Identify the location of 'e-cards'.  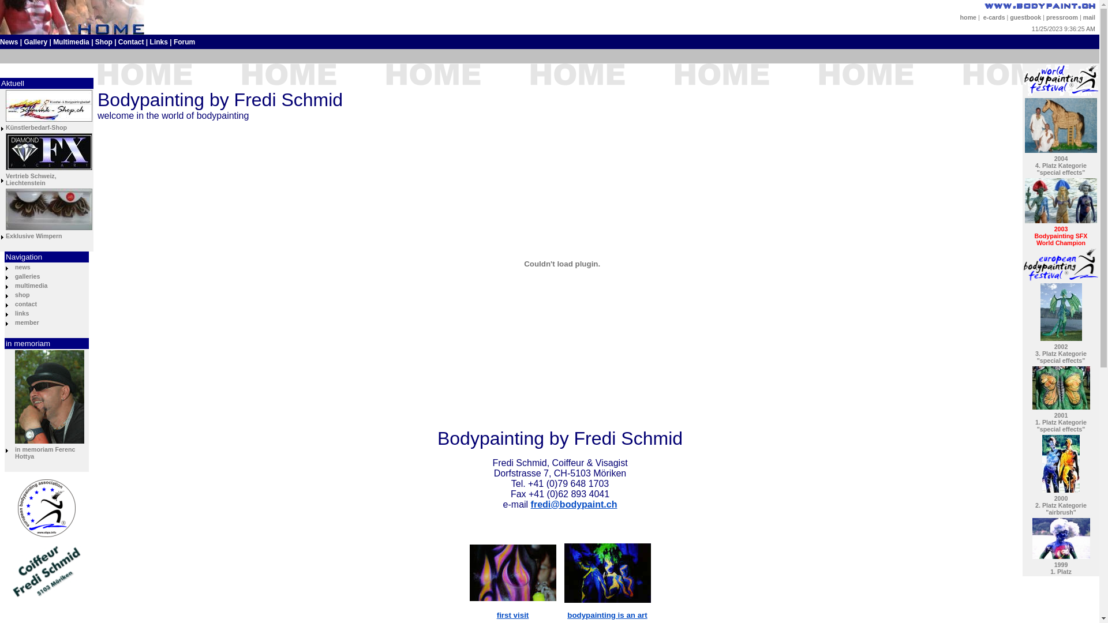
(994, 17).